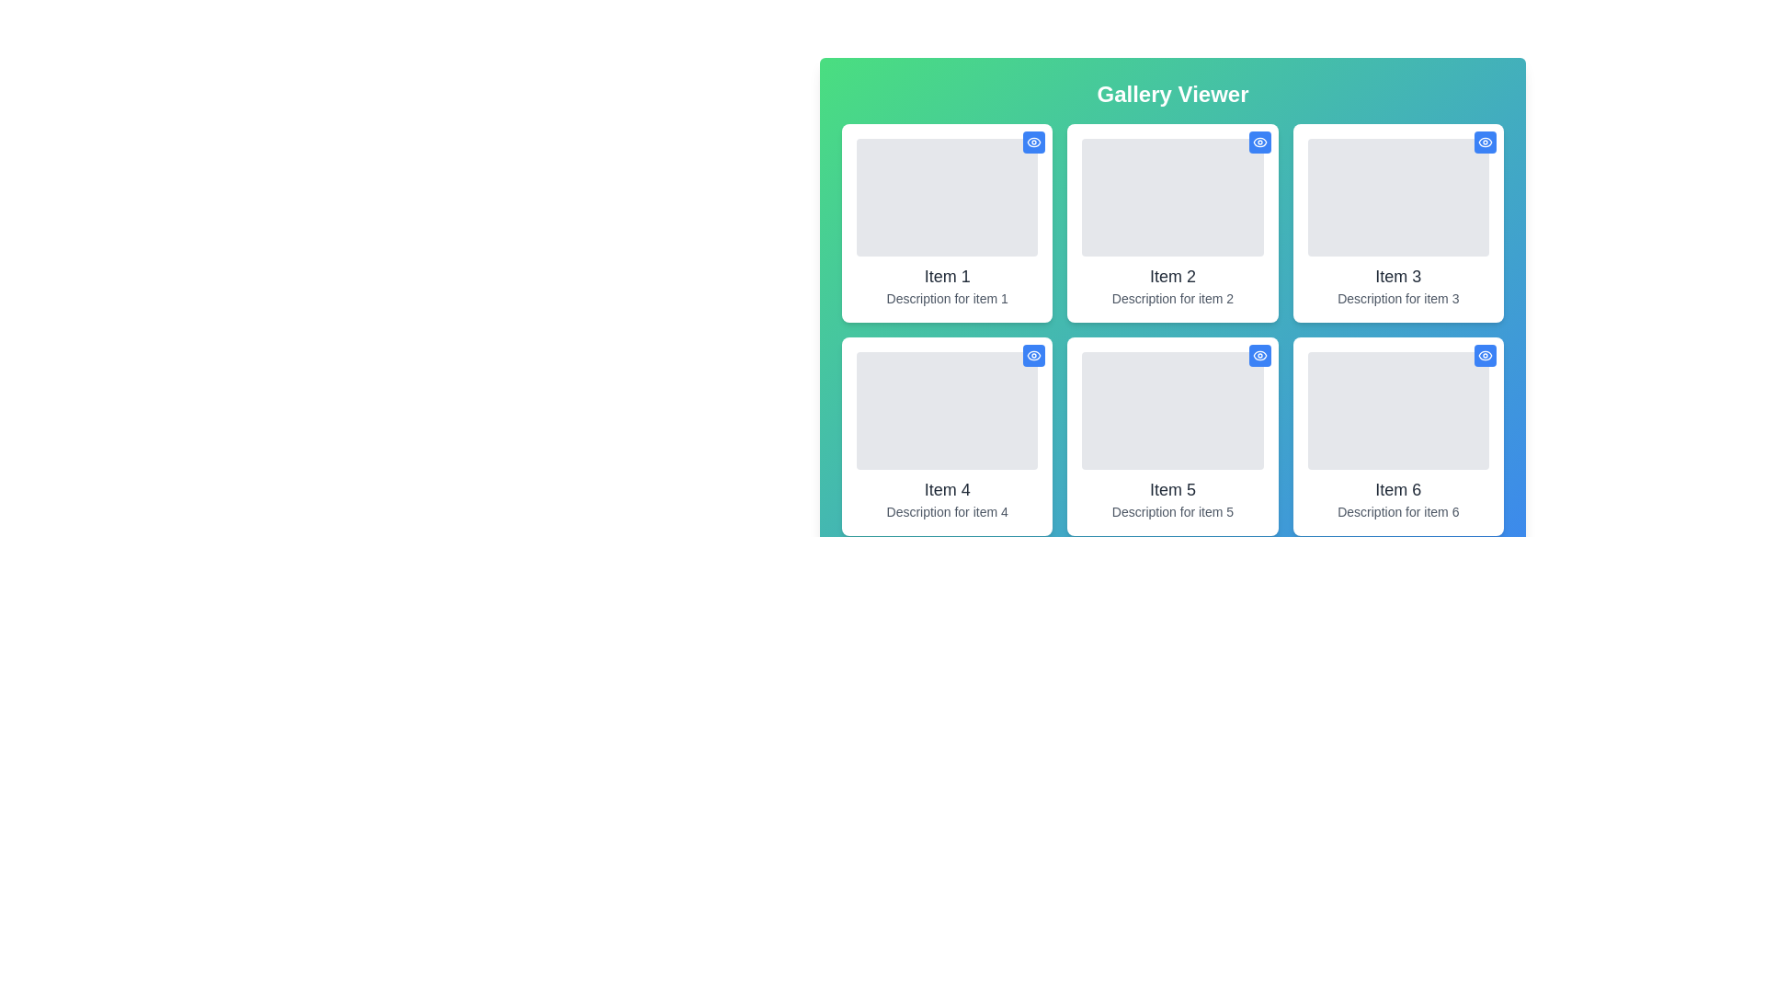 This screenshot has height=993, width=1765. Describe the element at coordinates (1397, 297) in the screenshot. I see `the descriptive text label located beneath the 'Item 3' text in the third card of the grid layout` at that location.